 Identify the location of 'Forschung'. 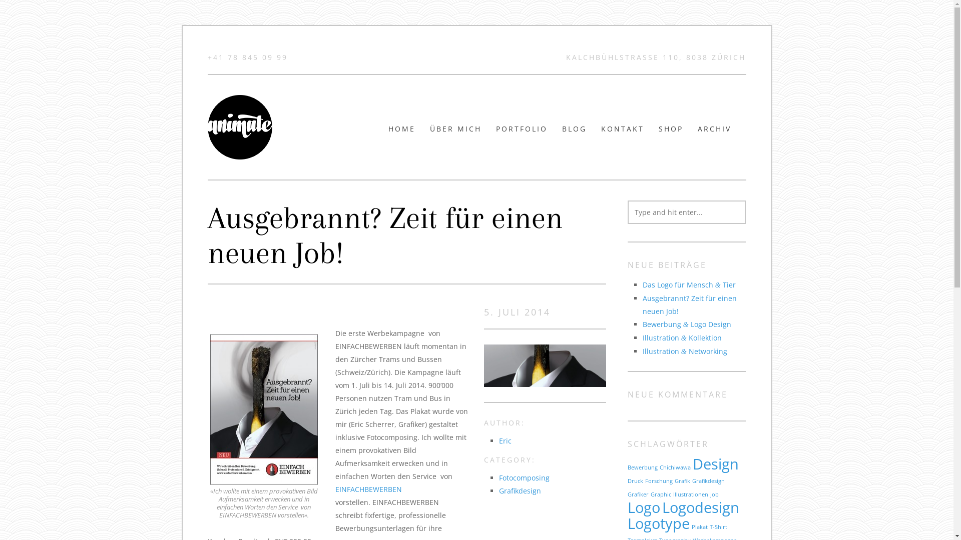
(659, 480).